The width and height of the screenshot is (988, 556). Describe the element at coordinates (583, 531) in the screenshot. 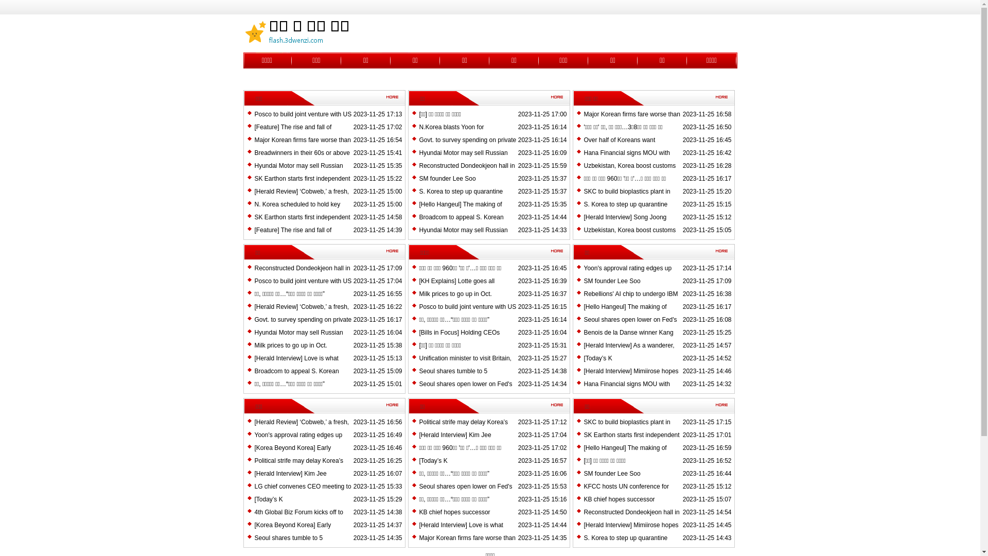

I see `'[Herald Interview] Mimiirose hopes to make a name for itself'` at that location.